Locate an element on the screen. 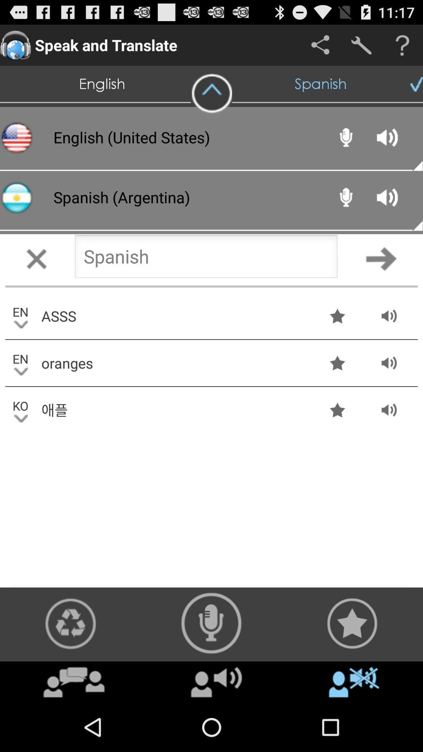 This screenshot has width=423, height=752. the app to the right of the en app is located at coordinates (175, 316).